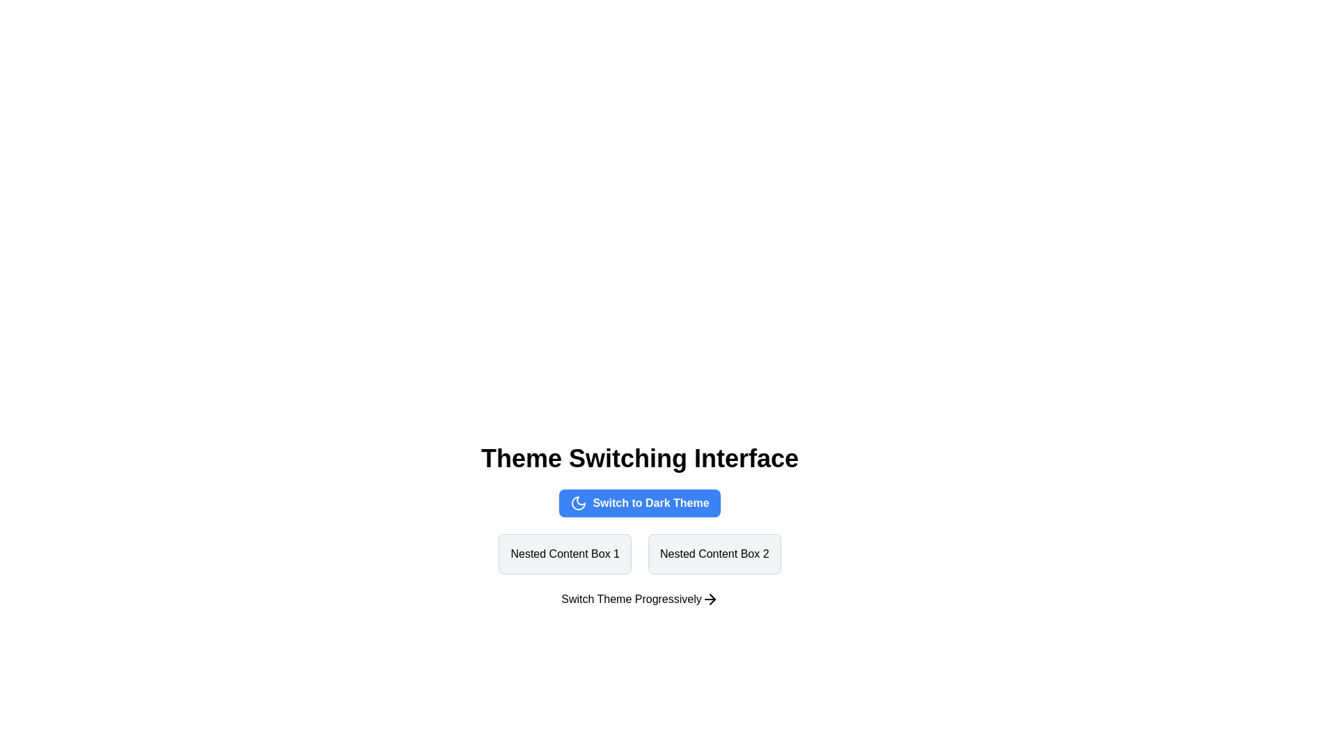 The image size is (1337, 752). I want to click on the crescent moon icon located on the blue rounded rectangular button labeled 'Switch to Dark Theme', so click(579, 503).